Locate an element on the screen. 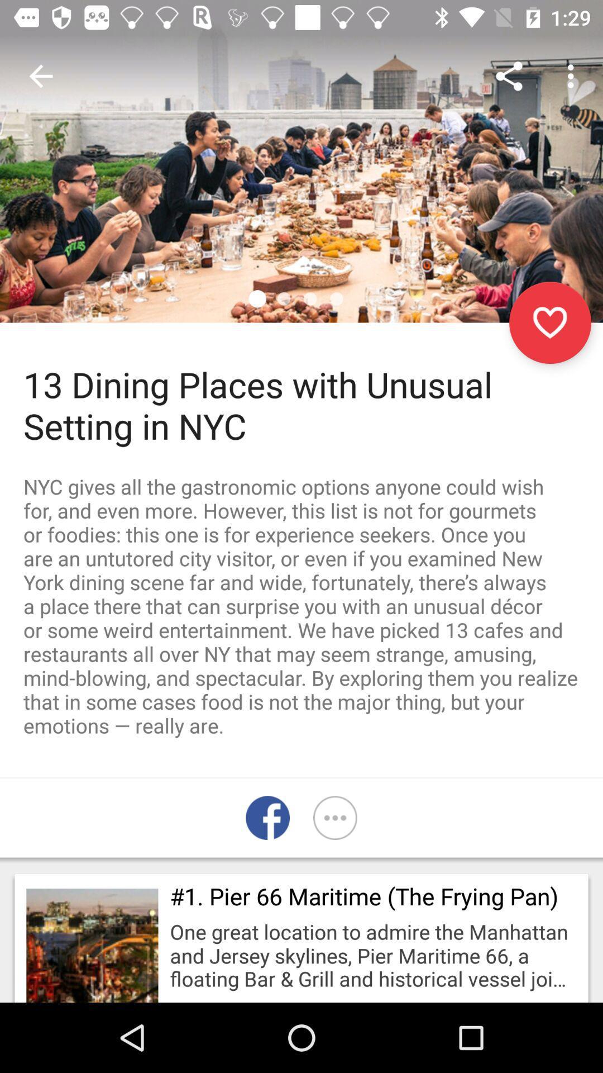  the facebook icon is located at coordinates (267, 818).